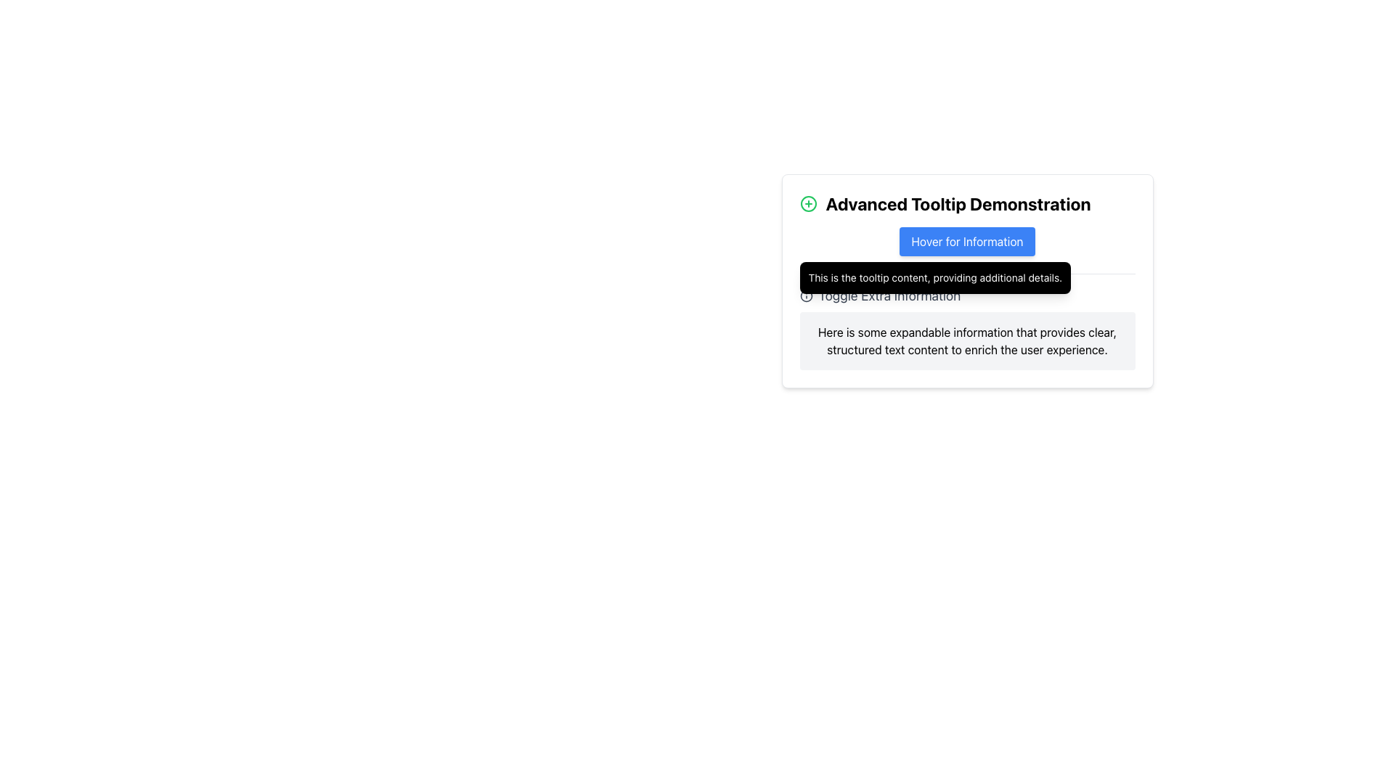  Describe the element at coordinates (805, 295) in the screenshot. I see `the icon located at the extreme left of the label 'Toggle Extra Information' to interact and access further details` at that location.